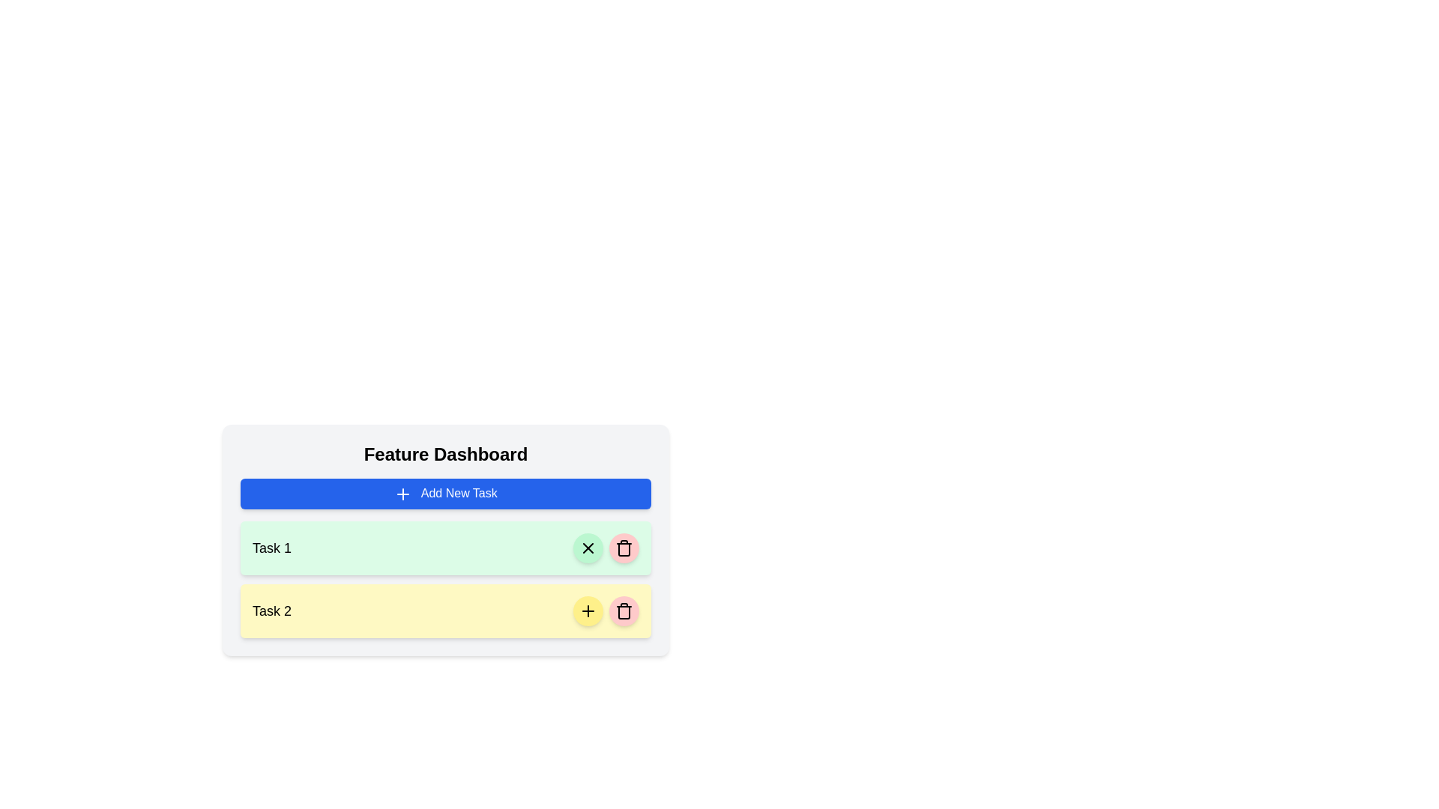  Describe the element at coordinates (624, 548) in the screenshot. I see `the trash can icon button, which is a circular icon with a hollow design surrounded by a red background, located to the right of the second task entry in the dashboard` at that location.